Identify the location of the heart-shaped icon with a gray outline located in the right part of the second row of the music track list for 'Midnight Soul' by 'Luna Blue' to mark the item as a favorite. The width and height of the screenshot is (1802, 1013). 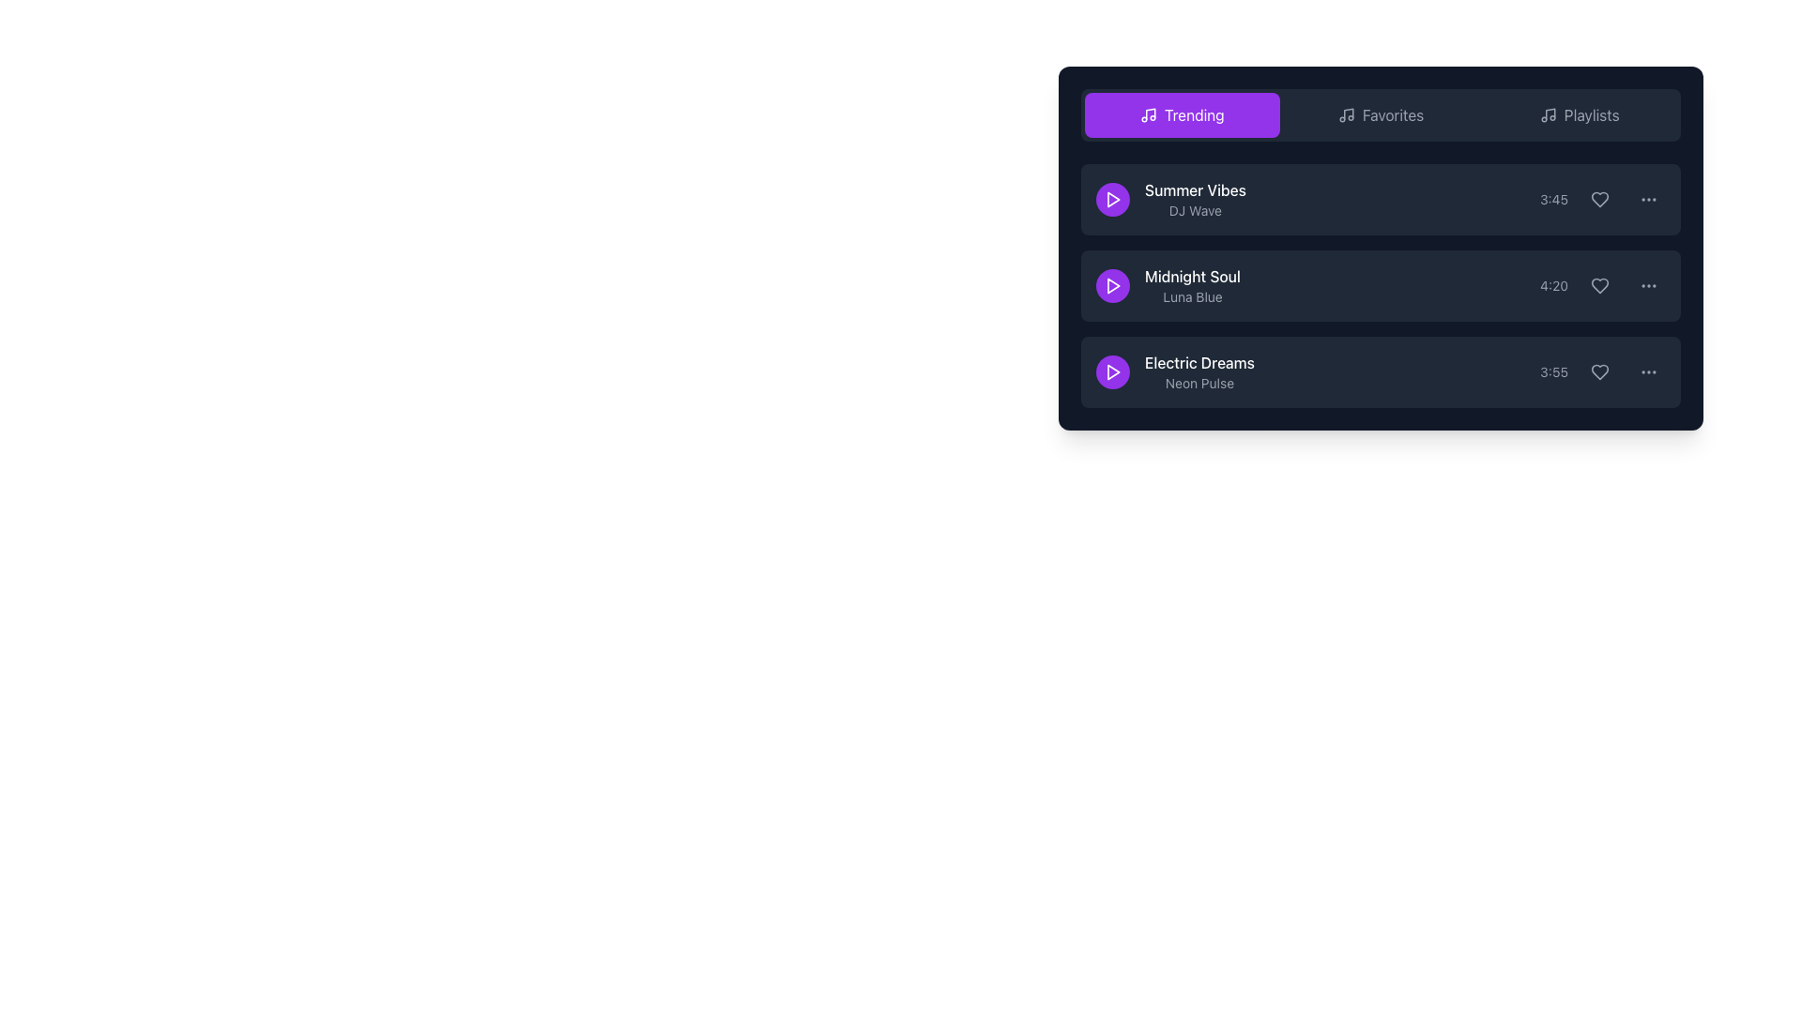
(1598, 285).